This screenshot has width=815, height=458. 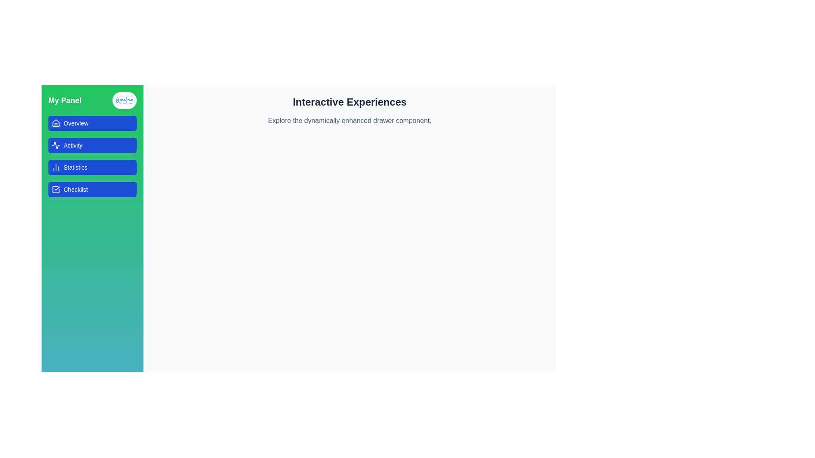 What do you see at coordinates (73, 145) in the screenshot?
I see `the text label that reads 'Activity', which is part of a button in the sidebar menu, styled with a blue background and white text, located between the 'Overview' and 'Statistics' buttons` at bounding box center [73, 145].